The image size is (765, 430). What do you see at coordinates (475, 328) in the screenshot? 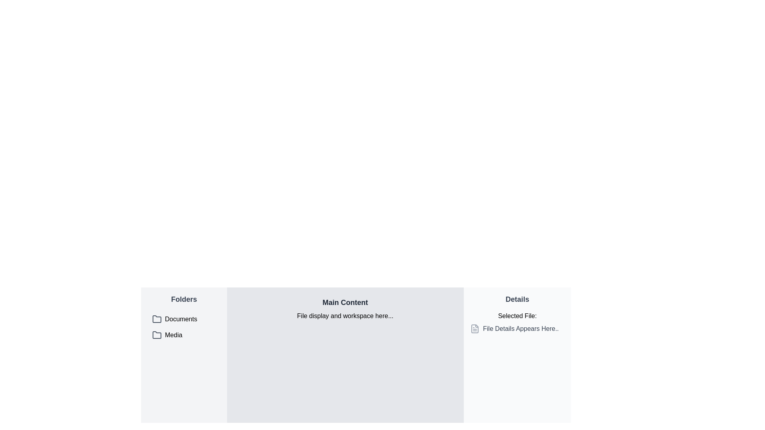
I see `the decorative icon representing a file in the 'Details' section, located to the left of the text 'File Details Appears Here..'` at bounding box center [475, 328].